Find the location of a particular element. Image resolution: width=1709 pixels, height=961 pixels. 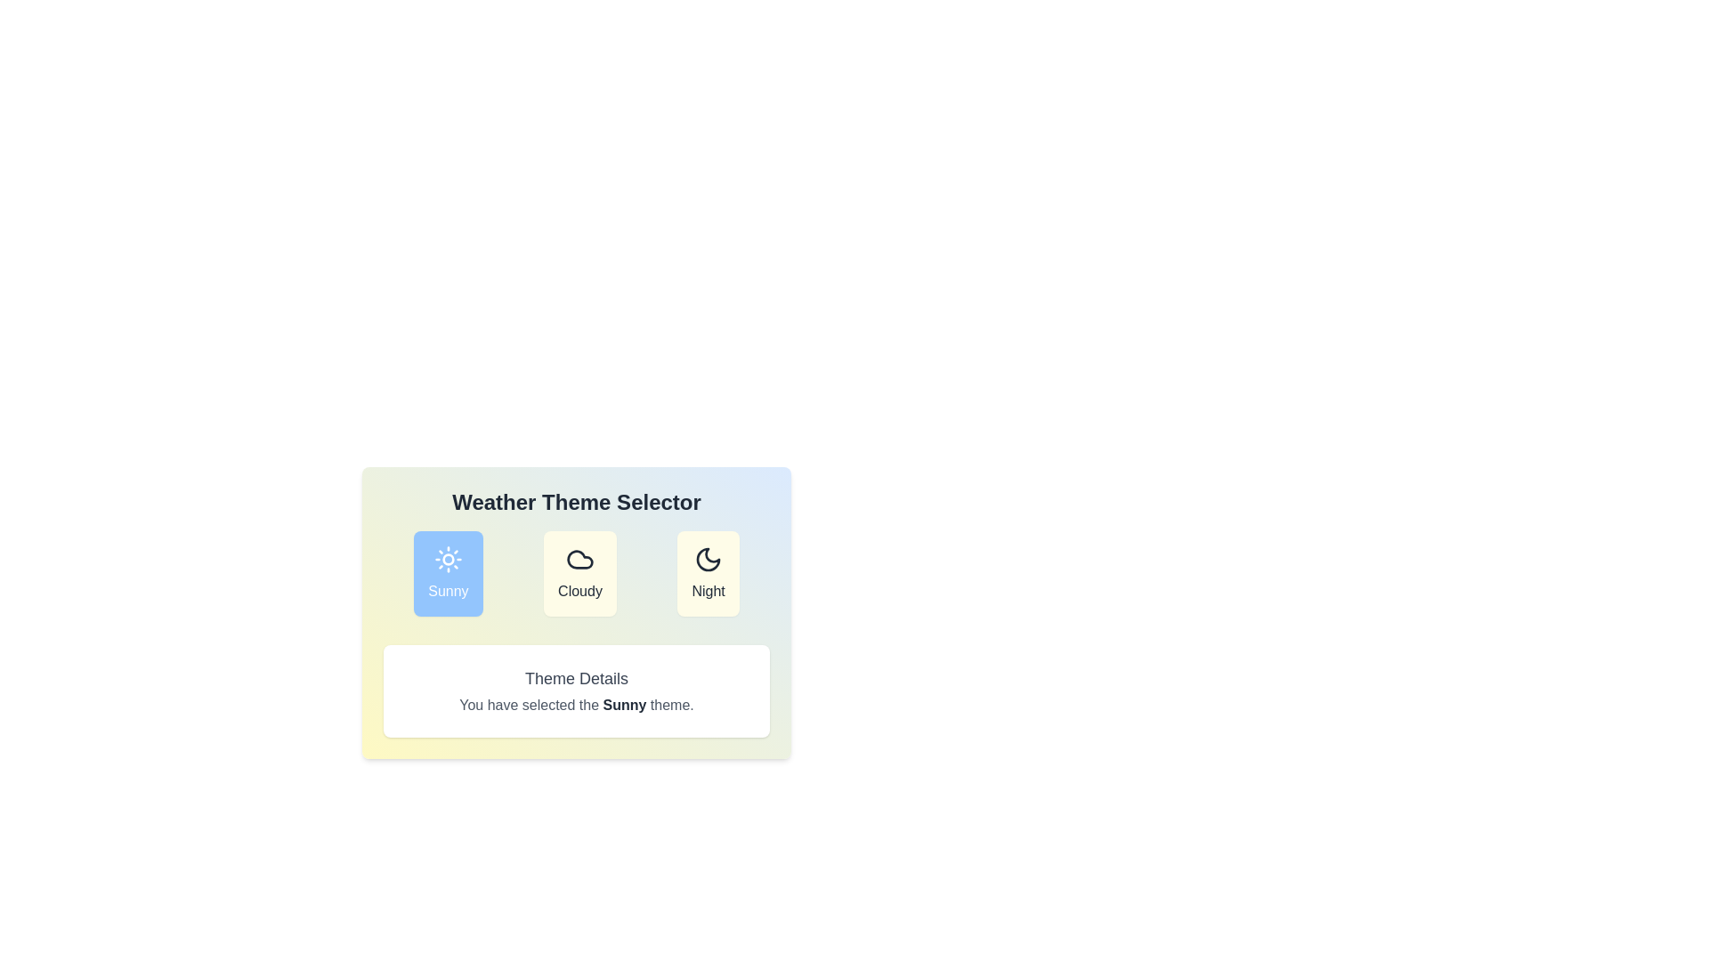

the Sunny button to observe its hover effect is located at coordinates (449, 573).